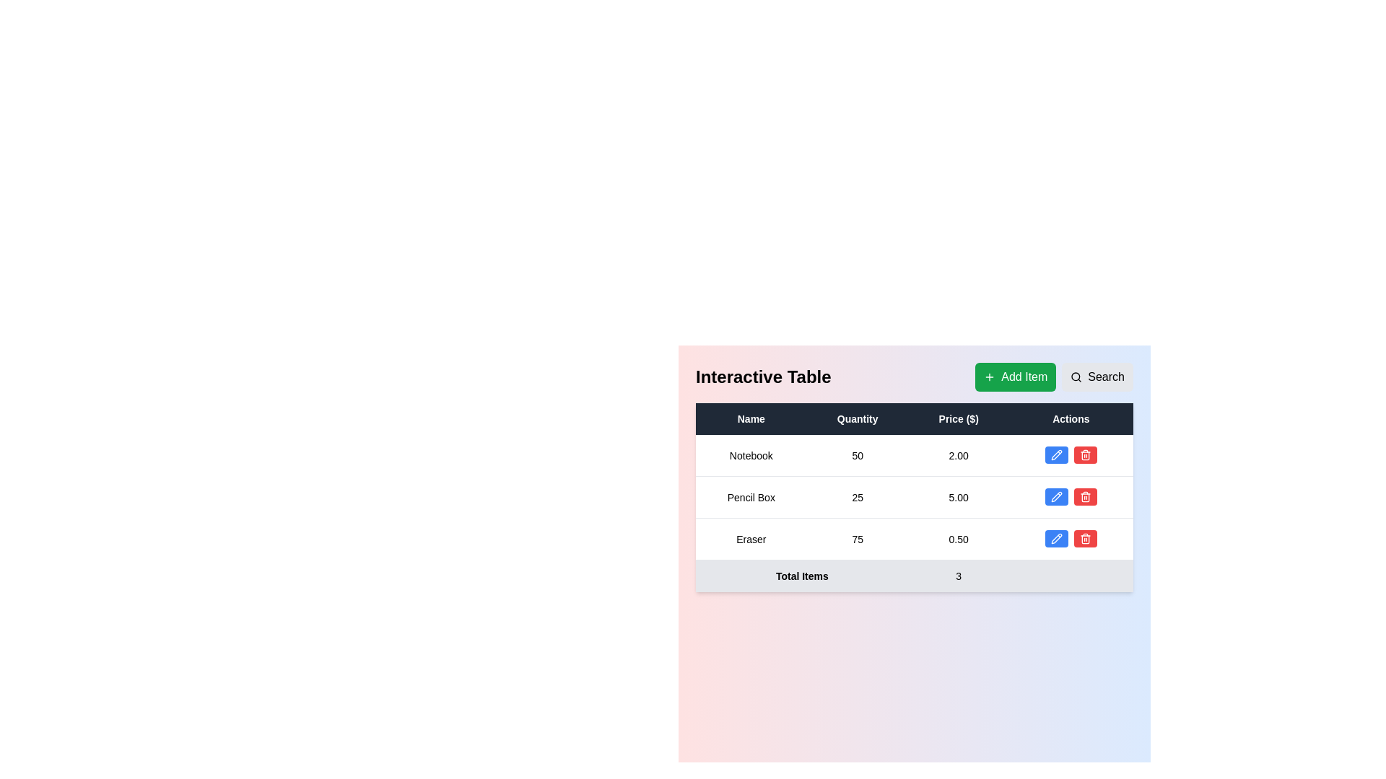 This screenshot has height=779, width=1386. Describe the element at coordinates (1085, 496) in the screenshot. I see `the delete icon within the red background button in the 'Actions' column of the 'Pencil Box' row` at that location.